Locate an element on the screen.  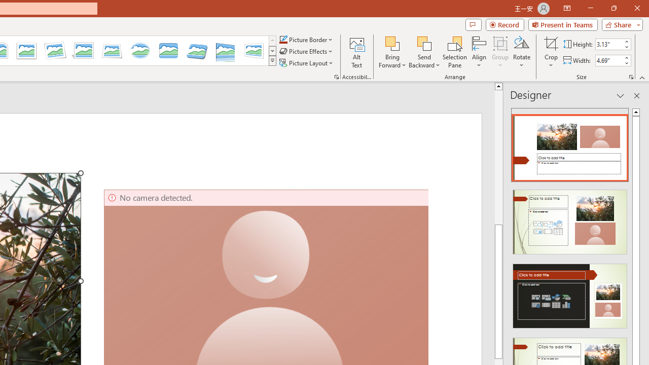
'Picture Effects' is located at coordinates (306, 51).